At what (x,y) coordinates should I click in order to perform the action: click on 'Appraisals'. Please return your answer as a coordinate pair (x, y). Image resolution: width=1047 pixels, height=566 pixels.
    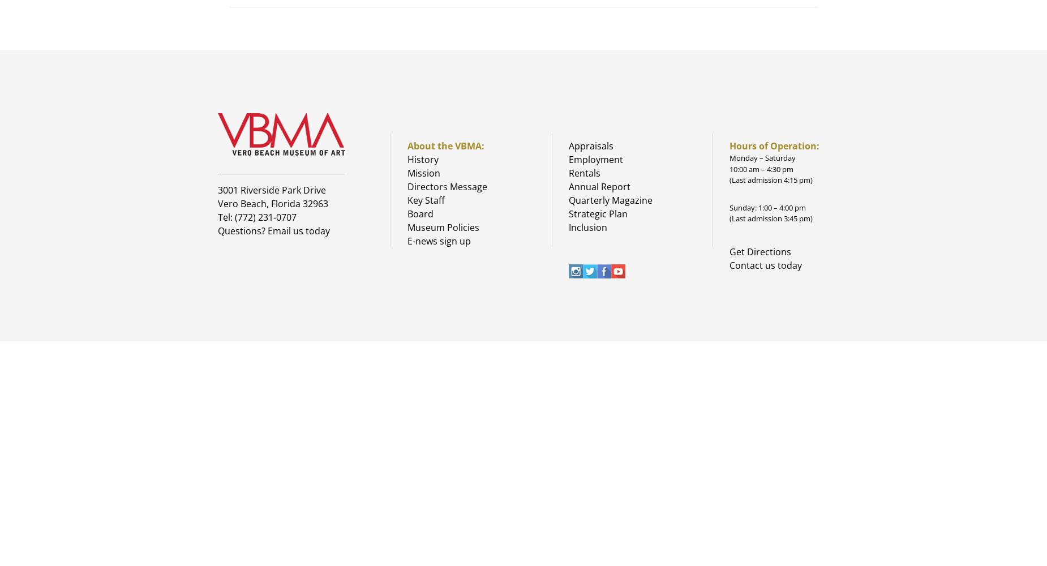
    Looking at the image, I should click on (590, 146).